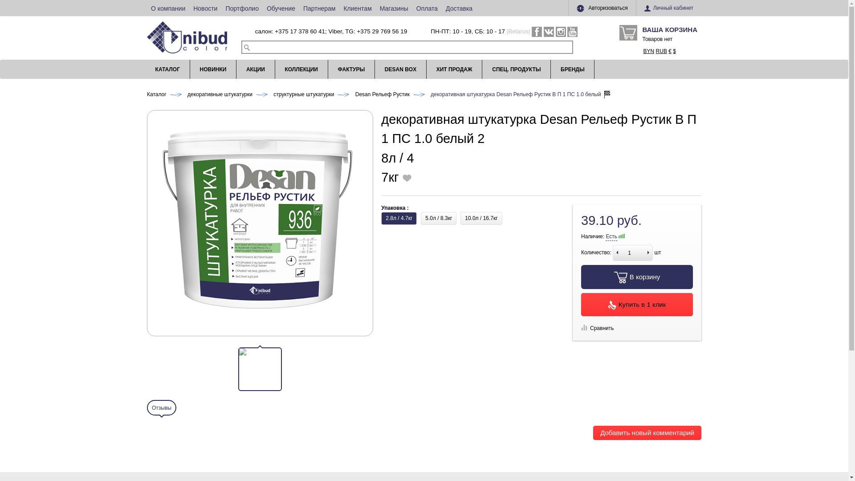 This screenshot has height=481, width=855. What do you see at coordinates (400, 69) in the screenshot?
I see `'DESAN BOX'` at bounding box center [400, 69].